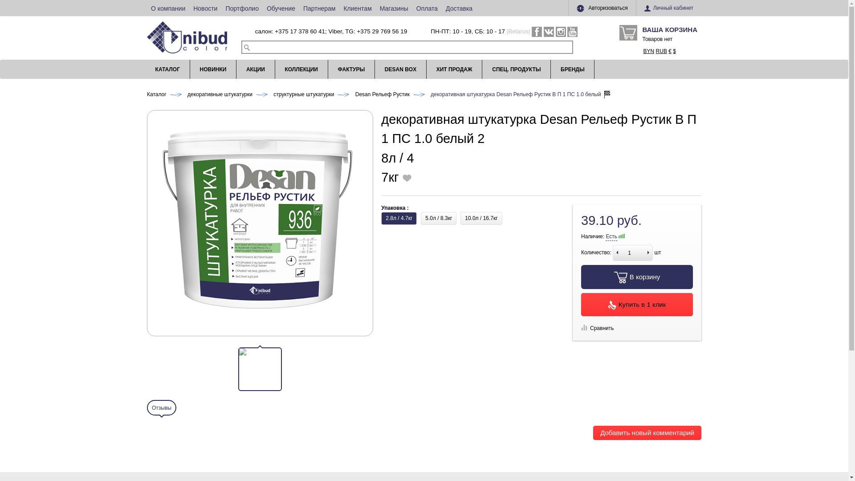 This screenshot has height=481, width=855. What do you see at coordinates (400, 69) in the screenshot?
I see `'DESAN BOX'` at bounding box center [400, 69].